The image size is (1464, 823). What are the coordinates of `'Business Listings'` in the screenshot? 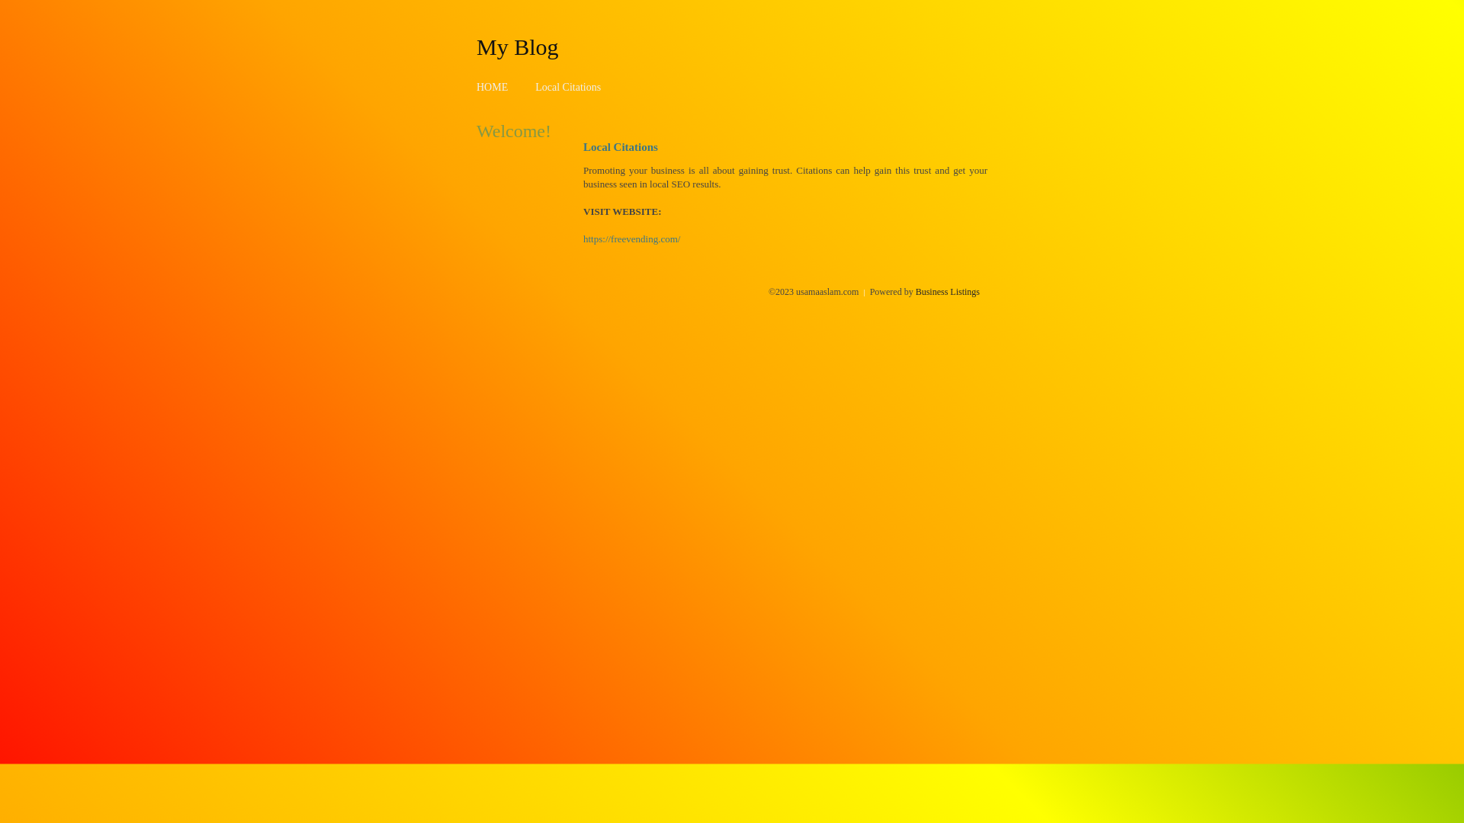 It's located at (947, 291).